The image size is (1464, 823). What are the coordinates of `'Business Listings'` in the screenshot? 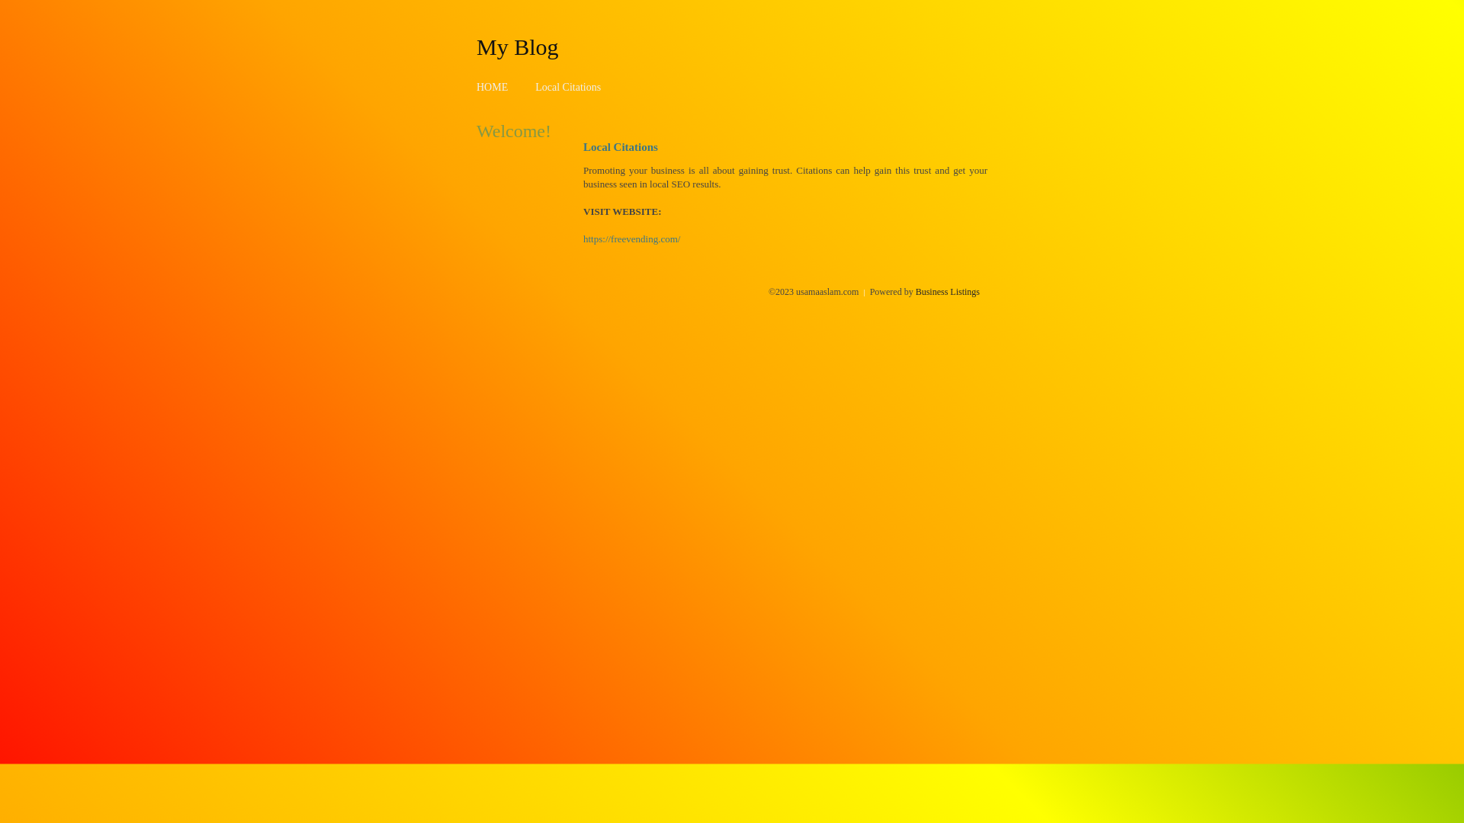 It's located at (947, 291).